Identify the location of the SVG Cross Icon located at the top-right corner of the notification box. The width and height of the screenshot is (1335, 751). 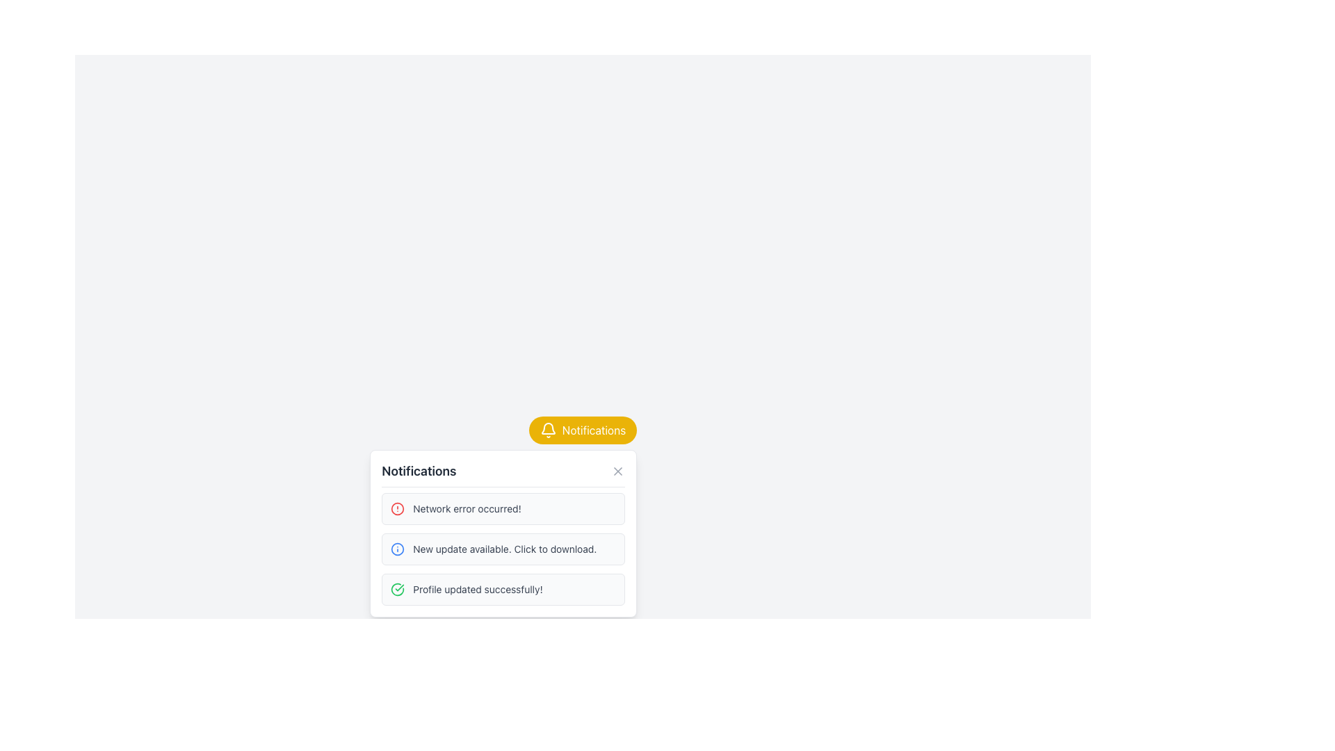
(617, 471).